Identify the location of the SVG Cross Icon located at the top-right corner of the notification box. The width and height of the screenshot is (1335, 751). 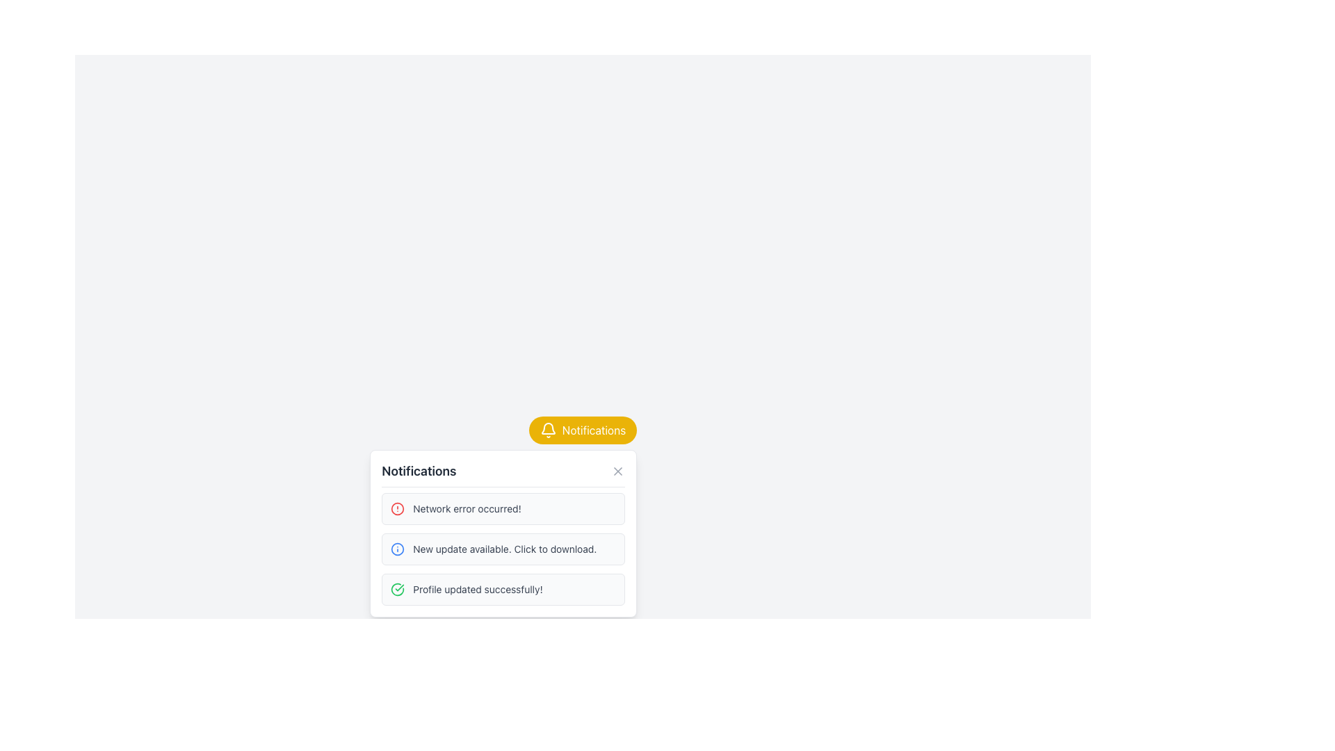
(617, 471).